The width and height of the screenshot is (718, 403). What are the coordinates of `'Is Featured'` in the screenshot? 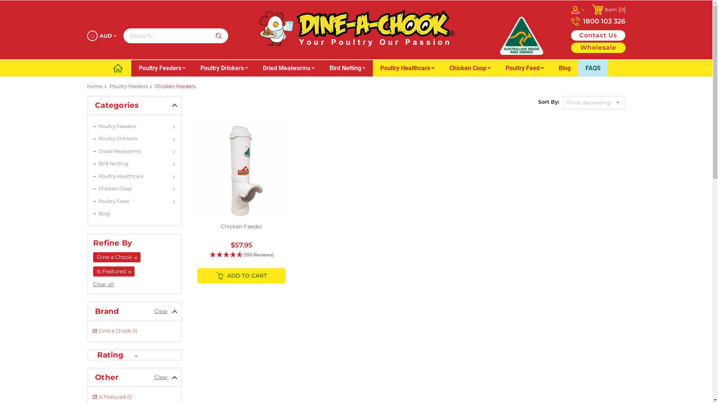 It's located at (113, 271).